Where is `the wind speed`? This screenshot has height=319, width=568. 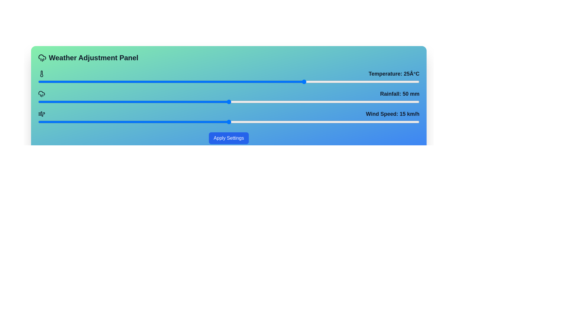 the wind speed is located at coordinates (368, 121).